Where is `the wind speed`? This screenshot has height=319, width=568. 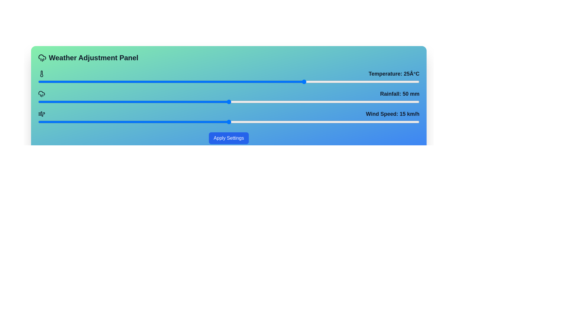 the wind speed is located at coordinates (368, 121).